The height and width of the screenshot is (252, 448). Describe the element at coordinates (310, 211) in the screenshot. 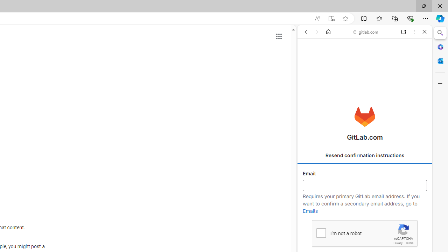

I see `'Emails'` at that location.